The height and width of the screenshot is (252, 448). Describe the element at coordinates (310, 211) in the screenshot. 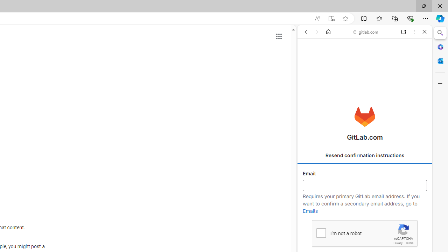

I see `'Emails'` at that location.